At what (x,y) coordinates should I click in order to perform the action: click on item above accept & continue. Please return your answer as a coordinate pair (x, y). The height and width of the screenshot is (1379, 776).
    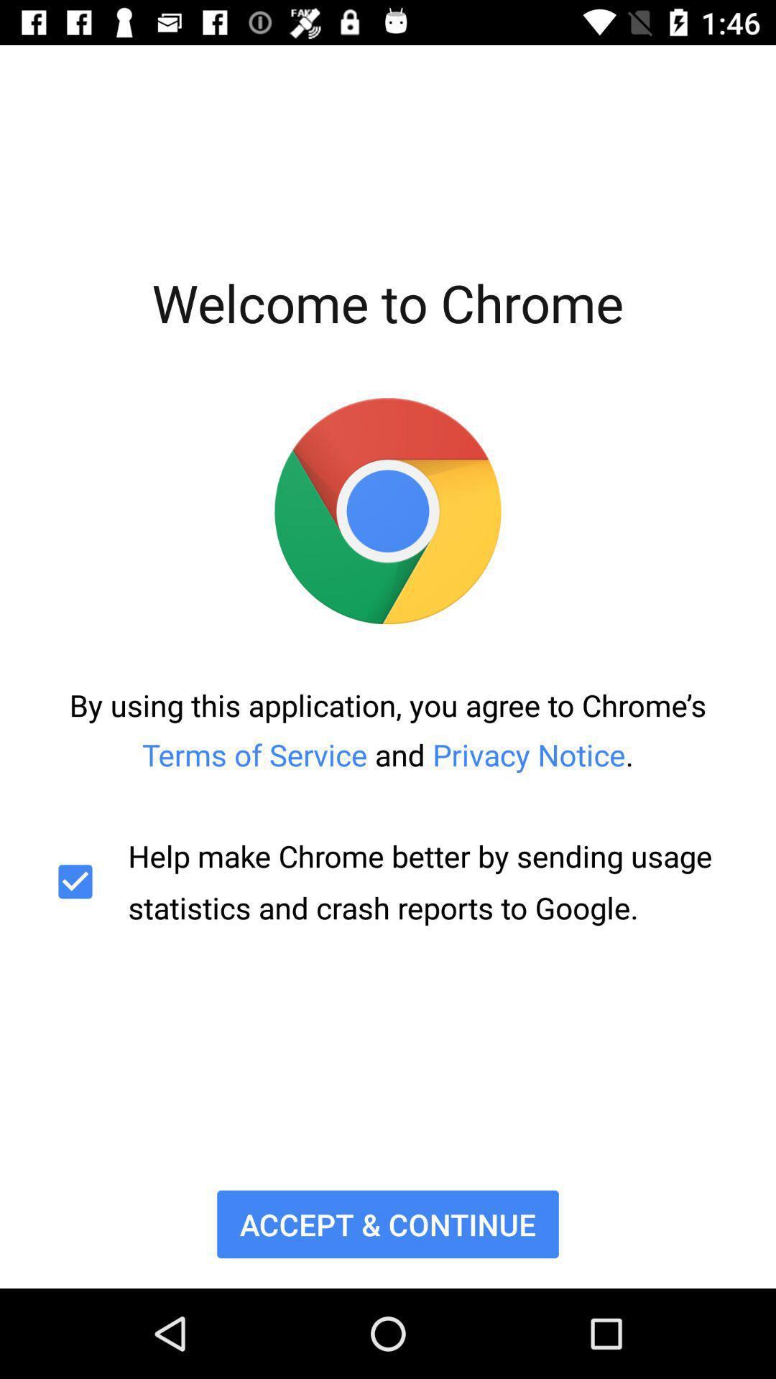
    Looking at the image, I should click on (388, 881).